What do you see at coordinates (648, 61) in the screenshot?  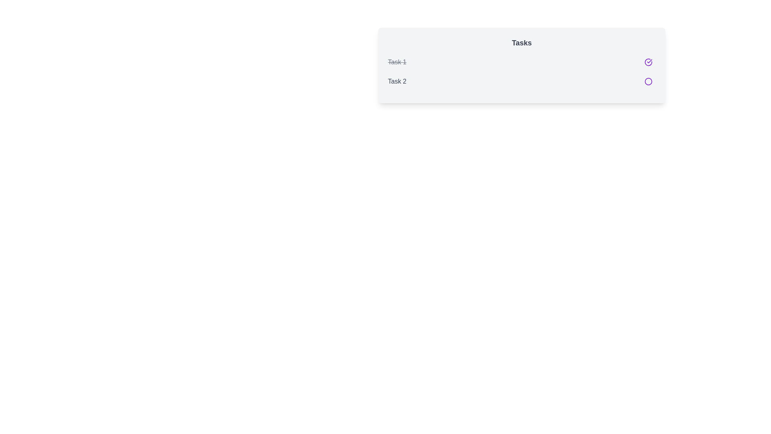 I see `the circular button with a purple outline and a check mark inside to mark the task as completed` at bounding box center [648, 61].